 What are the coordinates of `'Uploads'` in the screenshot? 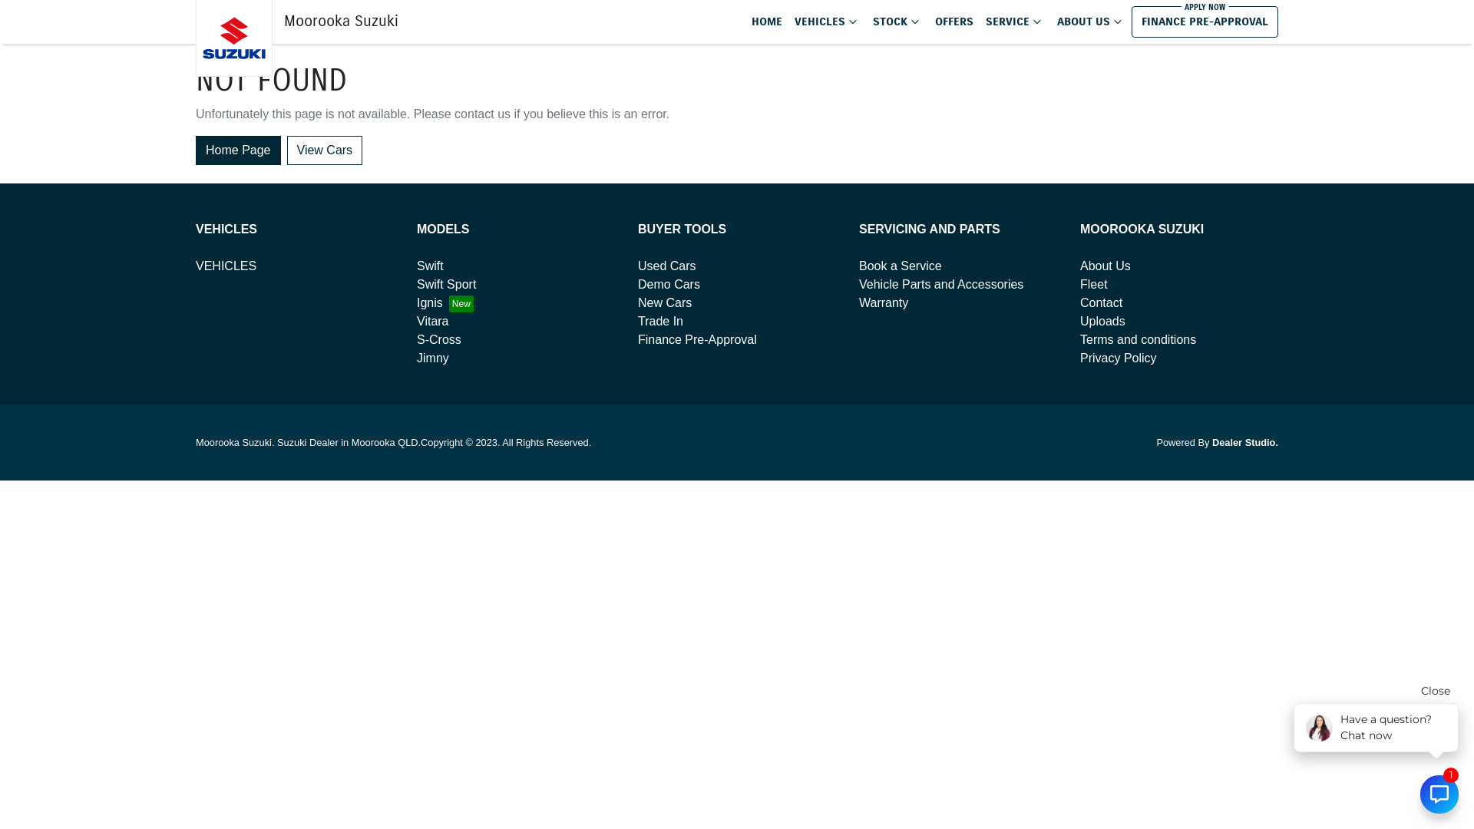 It's located at (1102, 320).